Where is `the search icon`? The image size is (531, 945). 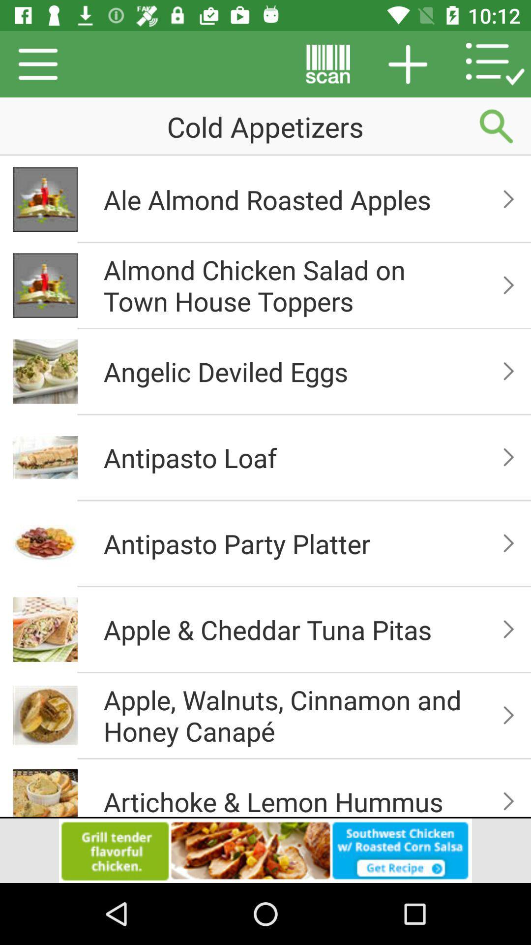
the search icon is located at coordinates (497, 126).